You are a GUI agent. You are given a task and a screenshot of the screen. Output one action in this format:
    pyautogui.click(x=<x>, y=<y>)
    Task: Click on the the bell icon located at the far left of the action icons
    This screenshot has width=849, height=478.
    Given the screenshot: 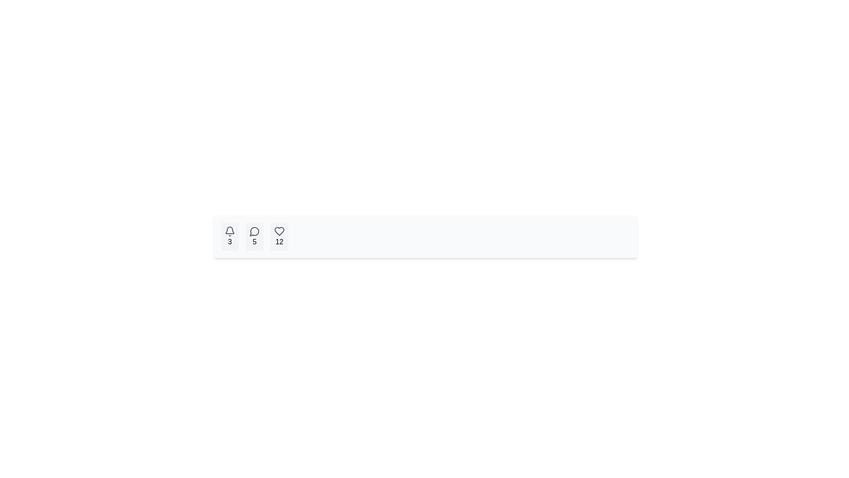 What is the action you would take?
    pyautogui.click(x=229, y=230)
    